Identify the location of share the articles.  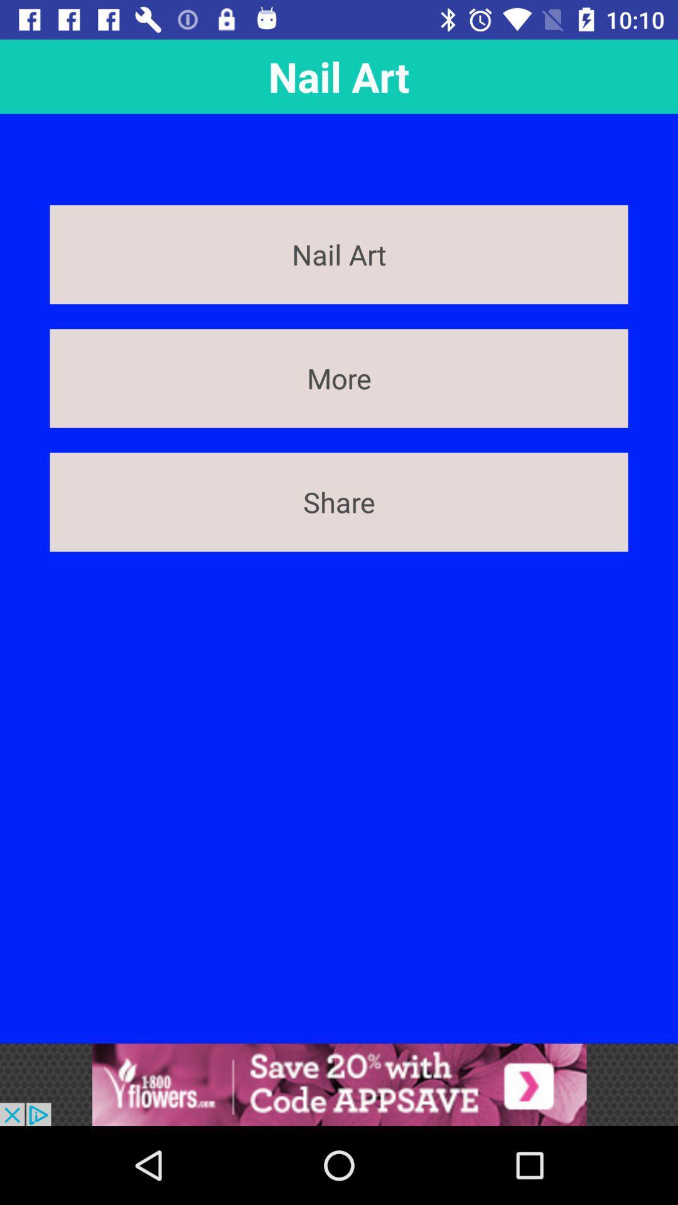
(339, 1084).